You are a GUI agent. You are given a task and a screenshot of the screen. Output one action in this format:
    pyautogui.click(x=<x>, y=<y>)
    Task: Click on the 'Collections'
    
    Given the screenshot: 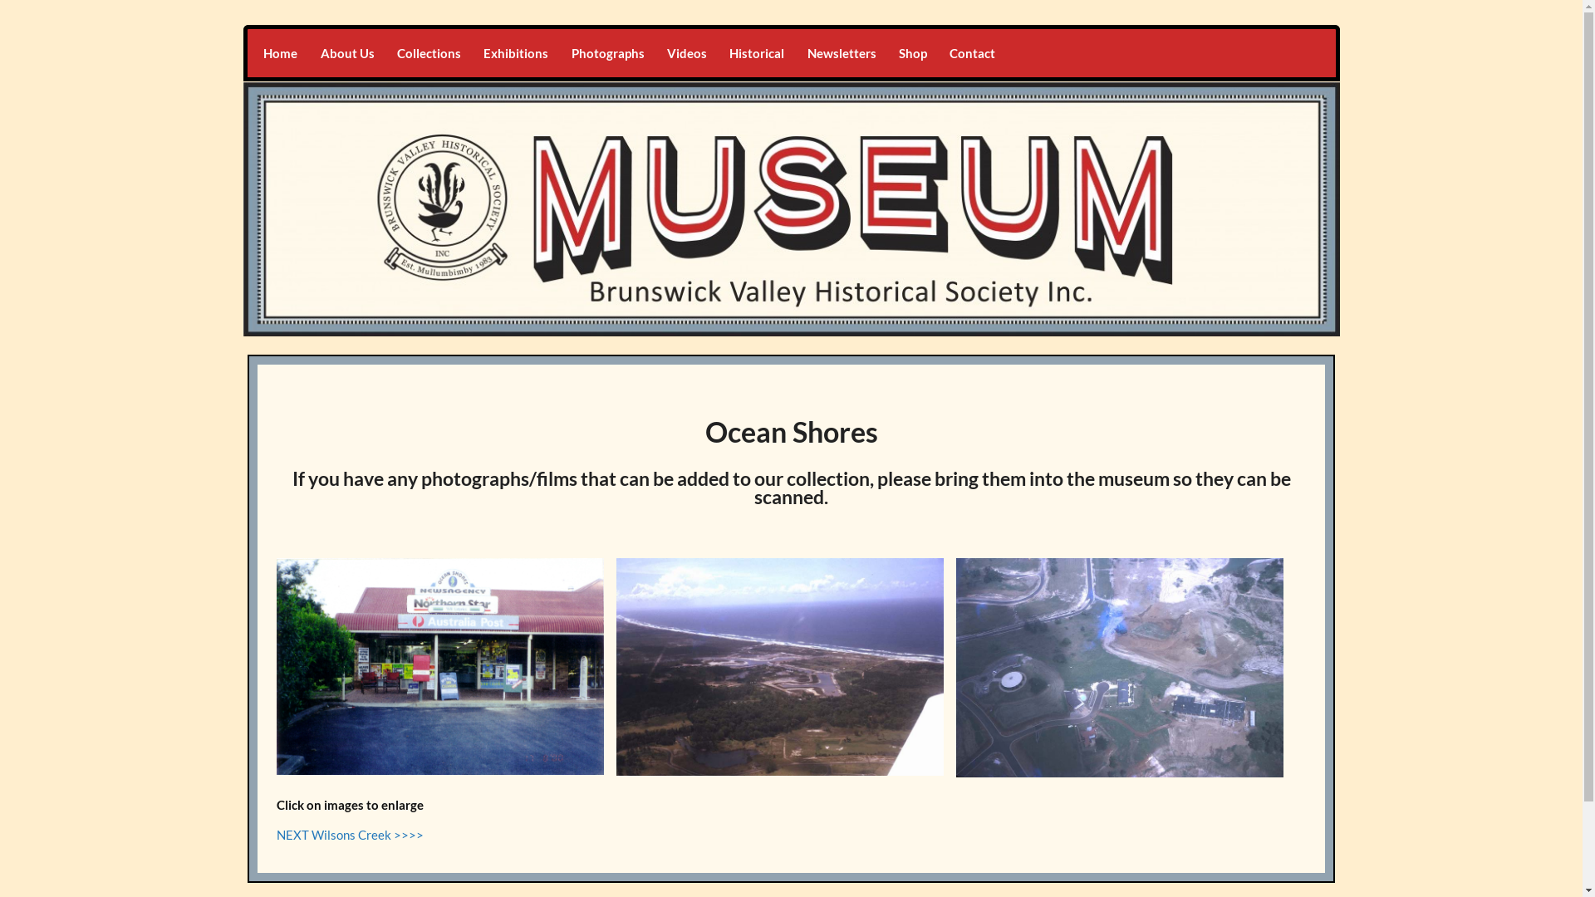 What is the action you would take?
    pyautogui.click(x=385, y=52)
    